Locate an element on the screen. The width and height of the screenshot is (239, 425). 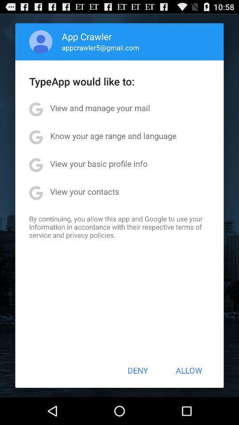
icon next to app crawler app is located at coordinates (40, 42).